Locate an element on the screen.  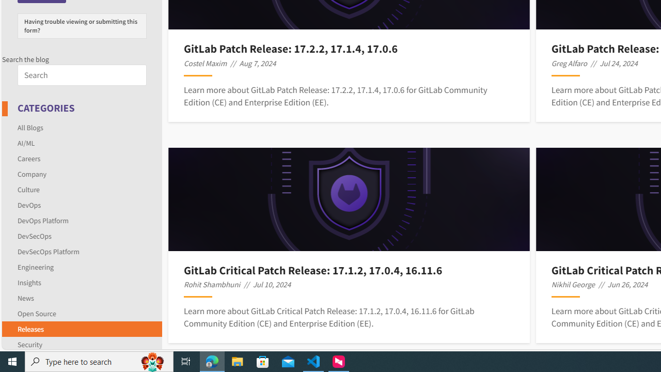
'Releases' is located at coordinates (81, 329).